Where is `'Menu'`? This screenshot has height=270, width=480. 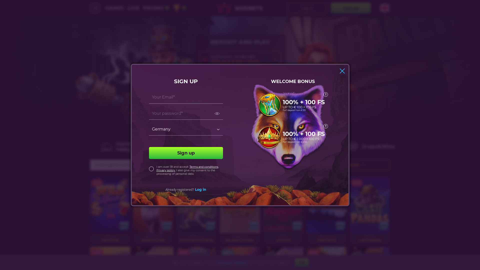 'Menu' is located at coordinates (95, 8).